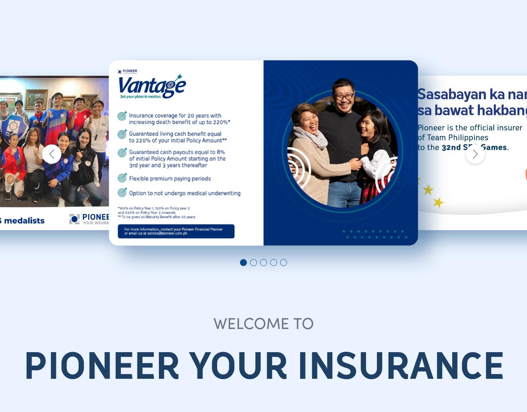 The width and height of the screenshot is (527, 412). Describe the element at coordinates (149, 225) in the screenshot. I see `'Microinsurance'` at that location.